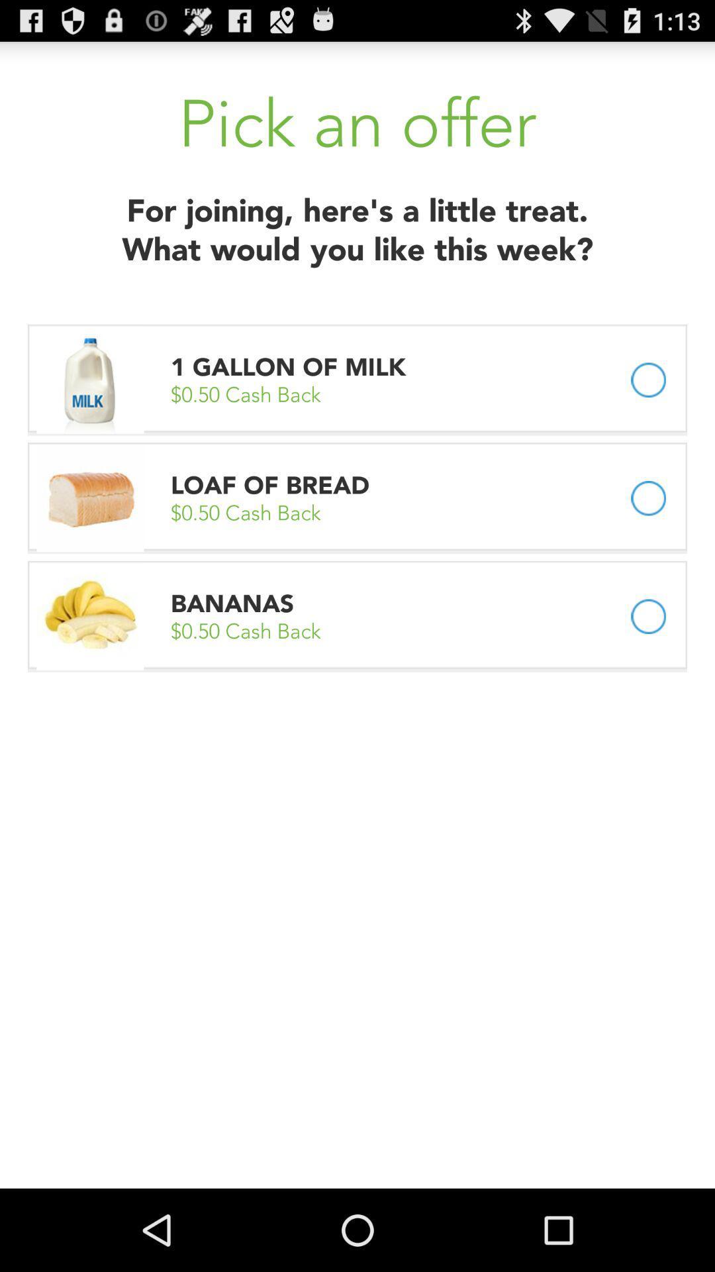 The width and height of the screenshot is (715, 1272). What do you see at coordinates (291, 367) in the screenshot?
I see `the icon below for joining here` at bounding box center [291, 367].